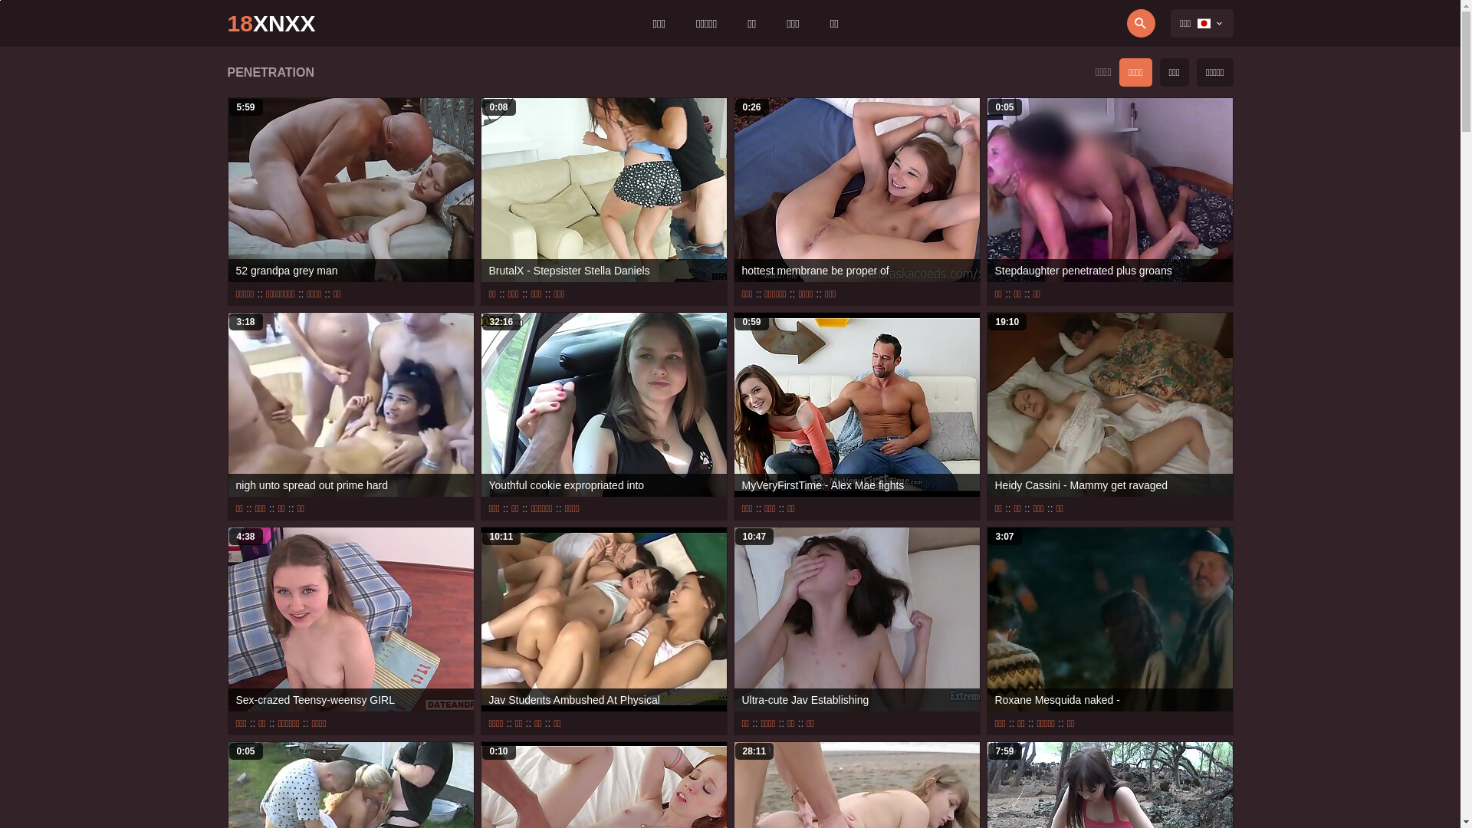 The image size is (1472, 828). Describe the element at coordinates (271, 23) in the screenshot. I see `'18XNXX'` at that location.